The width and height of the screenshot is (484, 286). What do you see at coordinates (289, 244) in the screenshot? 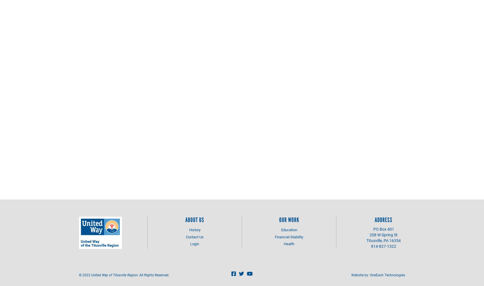
I see `'Health'` at bounding box center [289, 244].